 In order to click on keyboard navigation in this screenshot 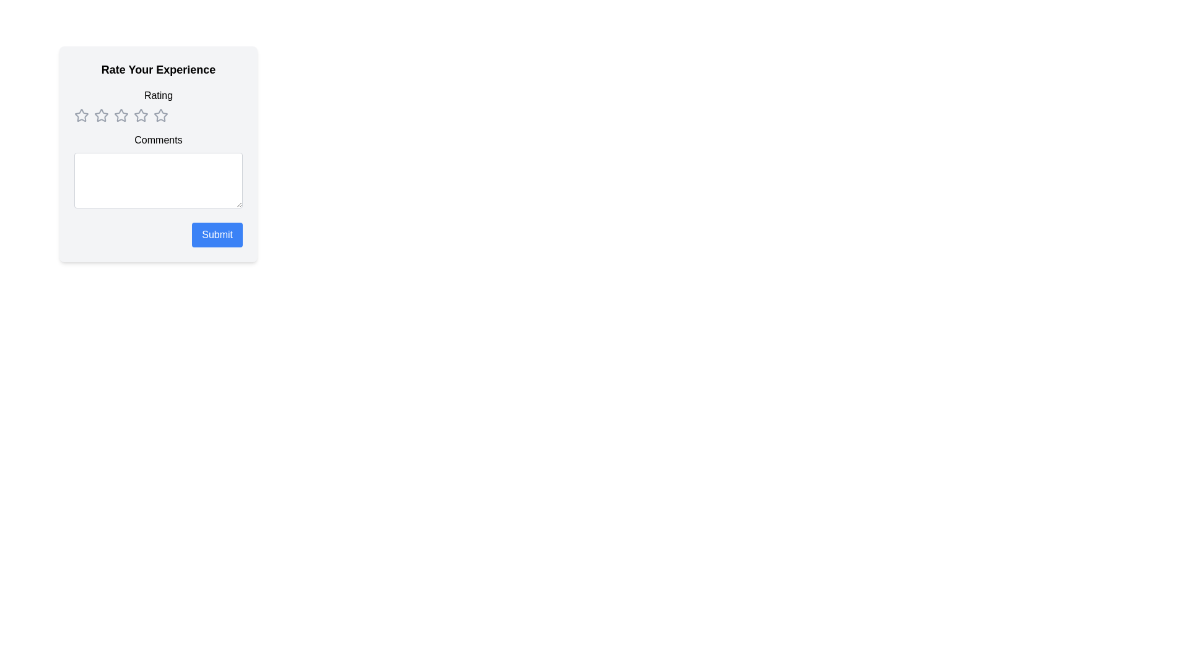, I will do `click(141, 115)`.